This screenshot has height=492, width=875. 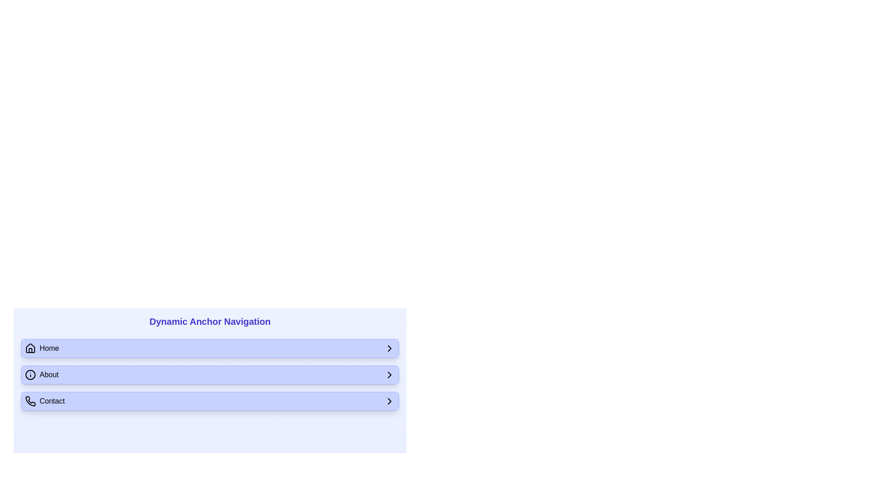 What do you see at coordinates (31, 400) in the screenshot?
I see `the black line icon of a stylized telephone receiver, which is positioned to the left of the text 'Contact' in the third row of the navigation options` at bounding box center [31, 400].